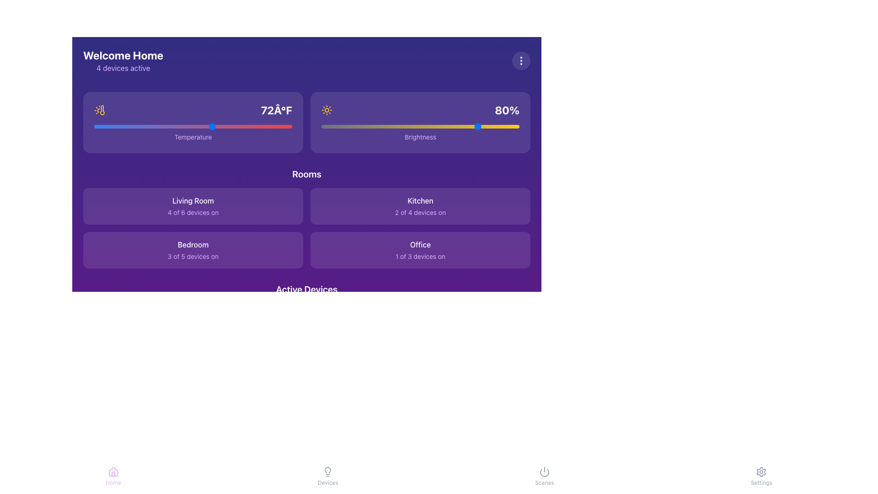 This screenshot has height=494, width=878. What do you see at coordinates (123, 55) in the screenshot?
I see `the greeting text label located in the top-left corner of the primary panel, which is above the text '4 devices active'` at bounding box center [123, 55].